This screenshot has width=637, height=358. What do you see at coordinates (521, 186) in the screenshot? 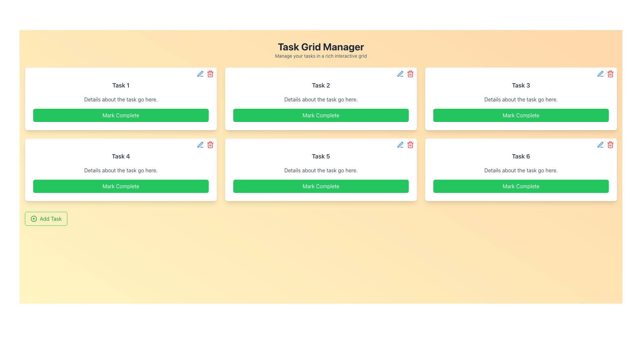
I see `the button at the bottom of the 'Task 6' card` at bounding box center [521, 186].